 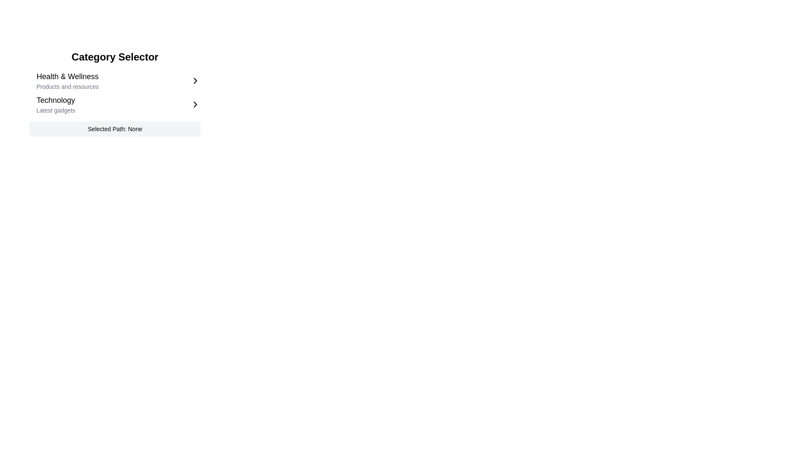 What do you see at coordinates (55, 99) in the screenshot?
I see `the 'Technology' category name label, which is positioned between the 'Health & Wellness' section and the description line 'Latest gadgets'` at bounding box center [55, 99].